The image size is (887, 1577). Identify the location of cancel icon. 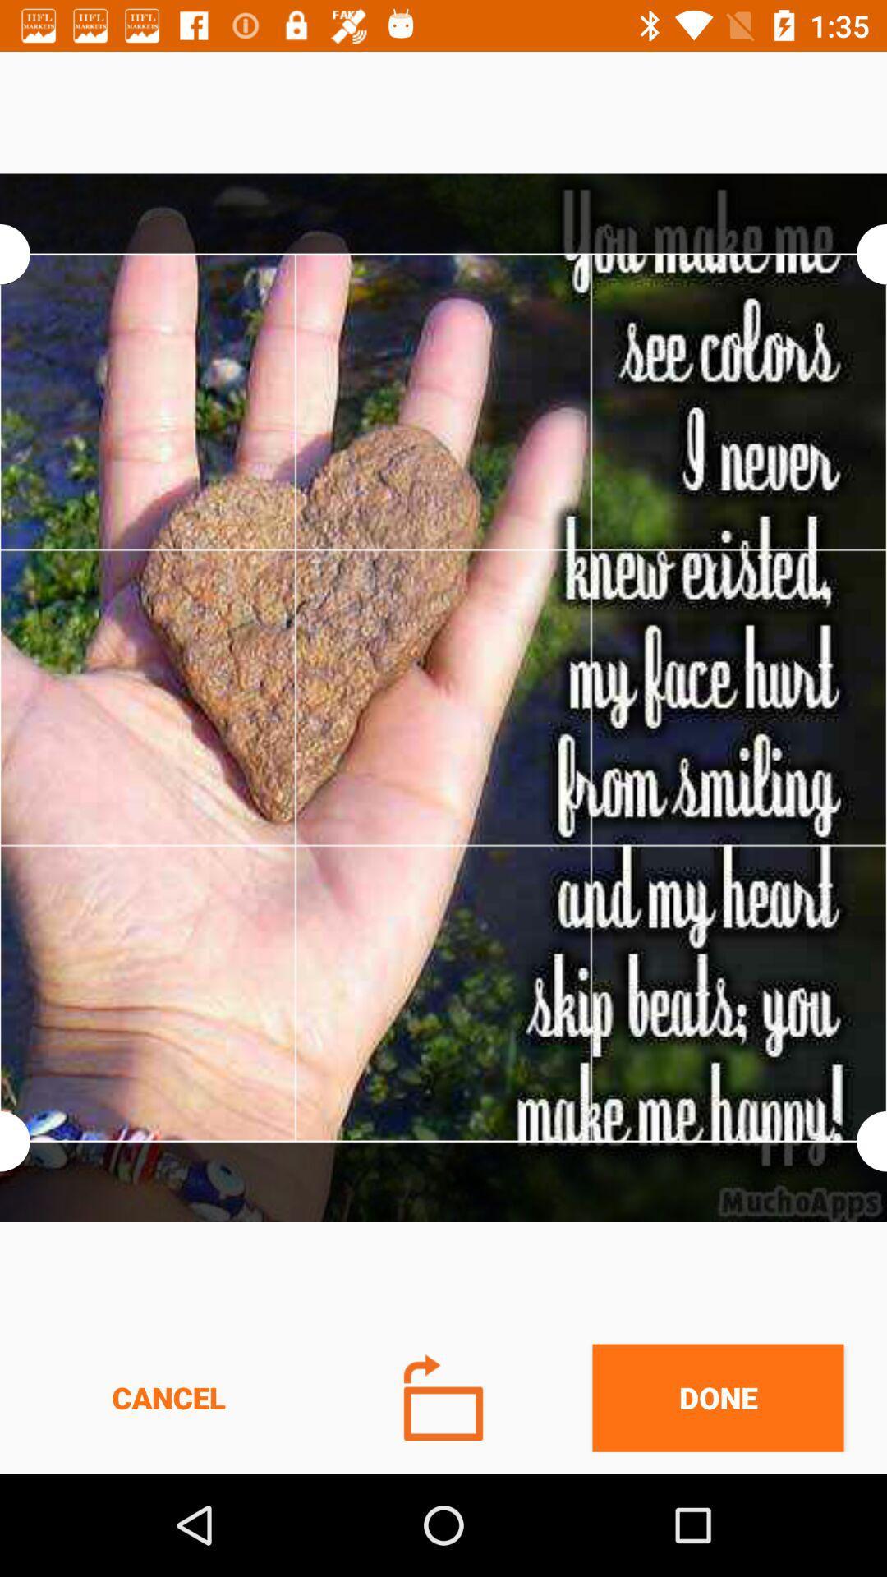
(168, 1397).